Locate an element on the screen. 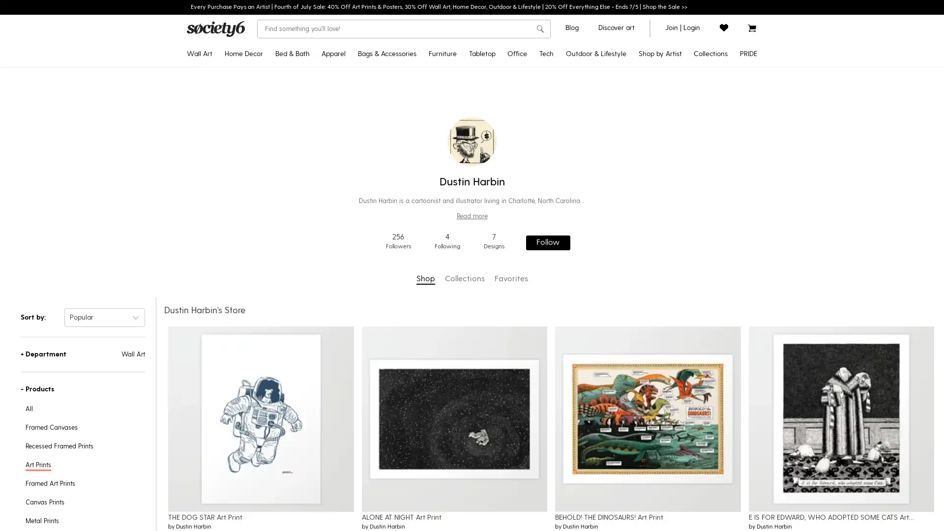  Android Card Cases is located at coordinates (581, 157).